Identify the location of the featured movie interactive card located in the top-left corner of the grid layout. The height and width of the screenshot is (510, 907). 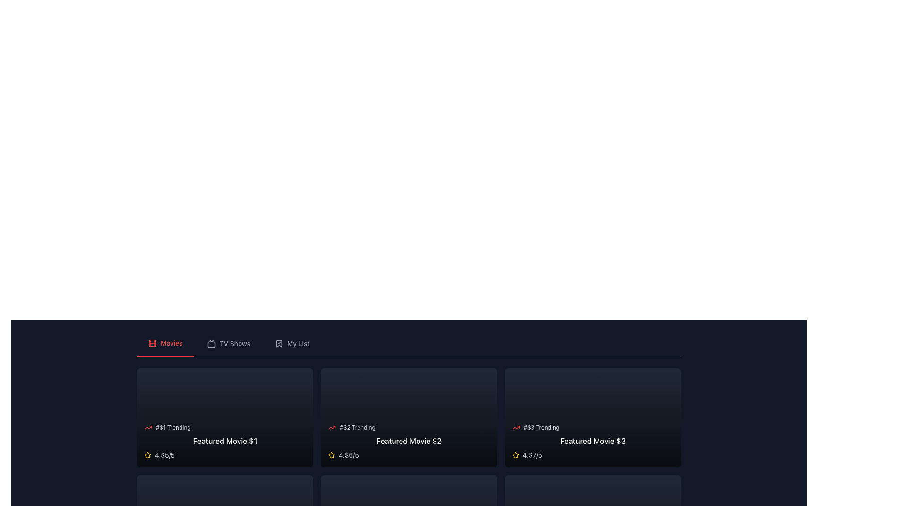
(224, 417).